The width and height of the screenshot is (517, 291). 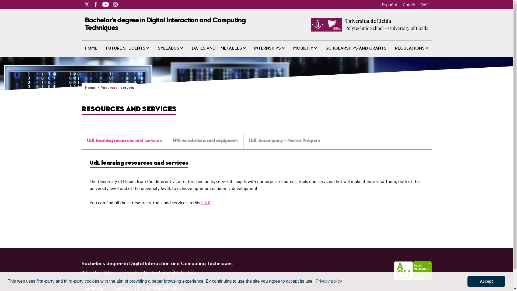 I want to click on 'Recursos i serveis', so click(x=116, y=88).